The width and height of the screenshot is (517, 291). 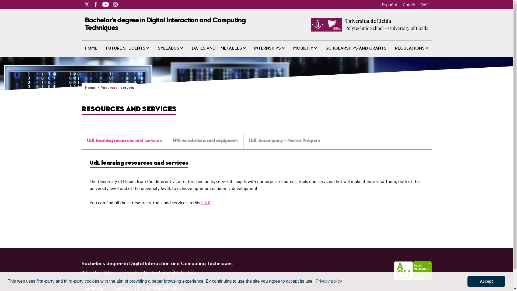 I want to click on 'Recursos i serveis', so click(x=116, y=88).